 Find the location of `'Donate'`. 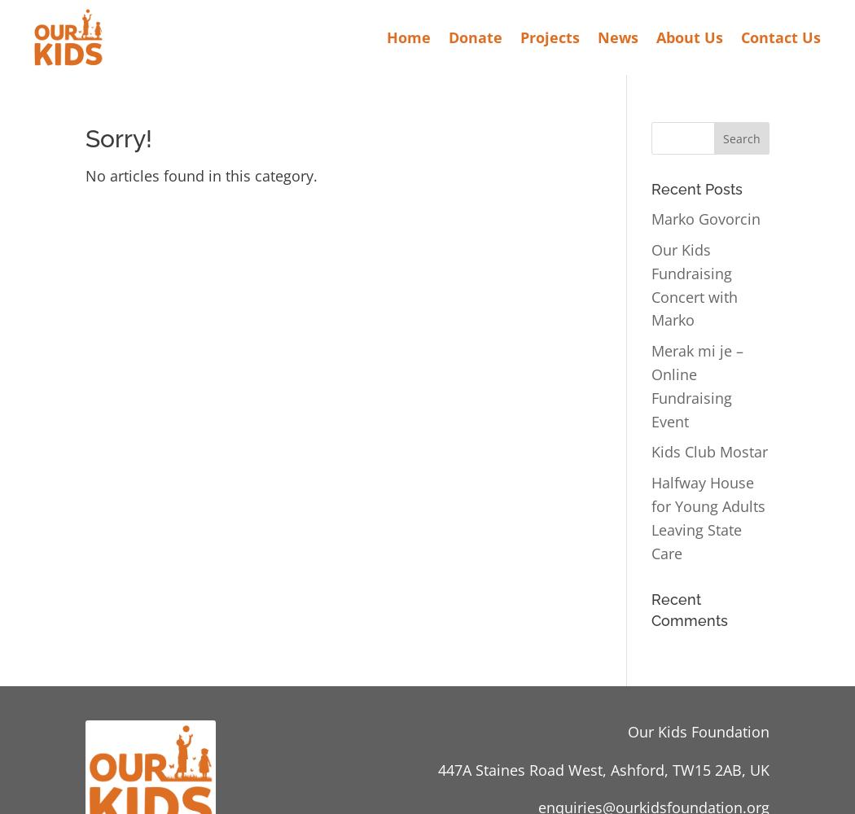

'Donate' is located at coordinates (475, 37).